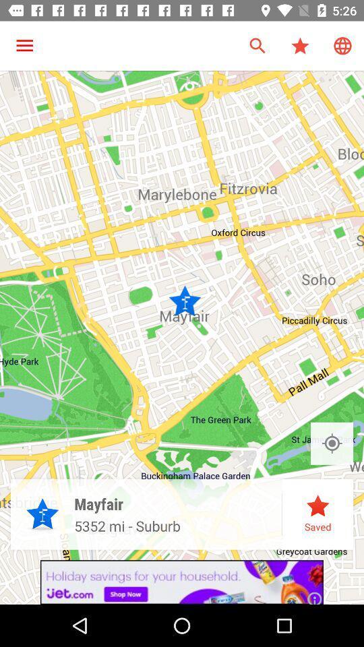 The width and height of the screenshot is (364, 647). Describe the element at coordinates (331, 443) in the screenshot. I see `move to current location` at that location.